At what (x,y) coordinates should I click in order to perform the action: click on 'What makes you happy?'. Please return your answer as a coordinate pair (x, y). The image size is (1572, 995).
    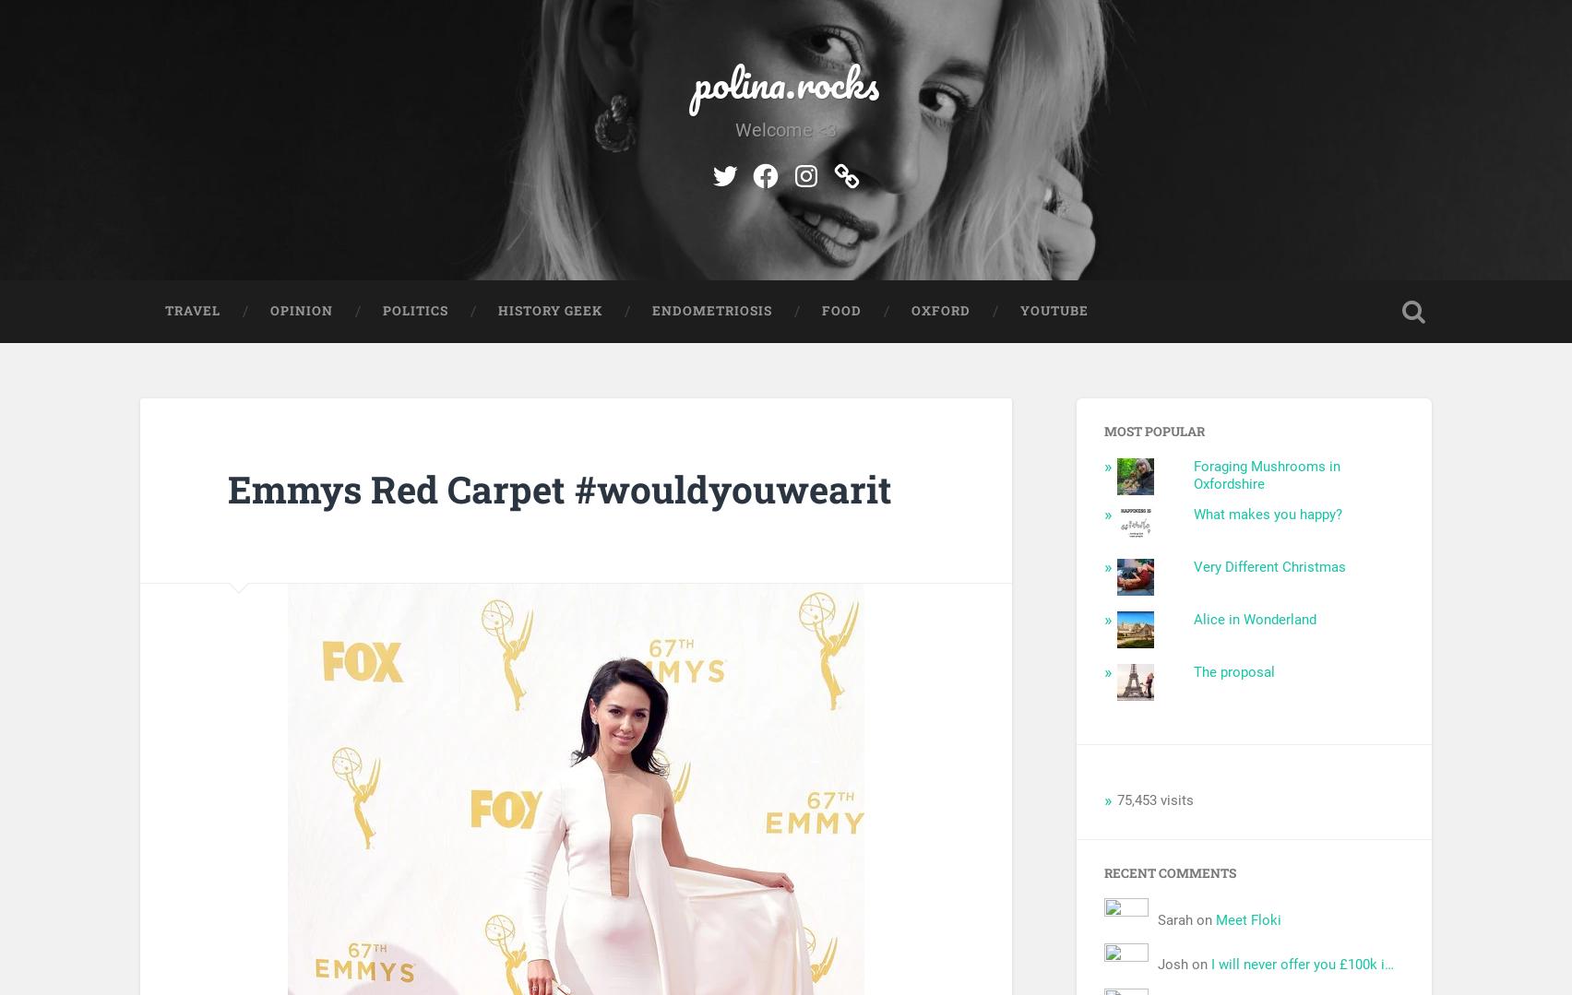
    Looking at the image, I should click on (1267, 512).